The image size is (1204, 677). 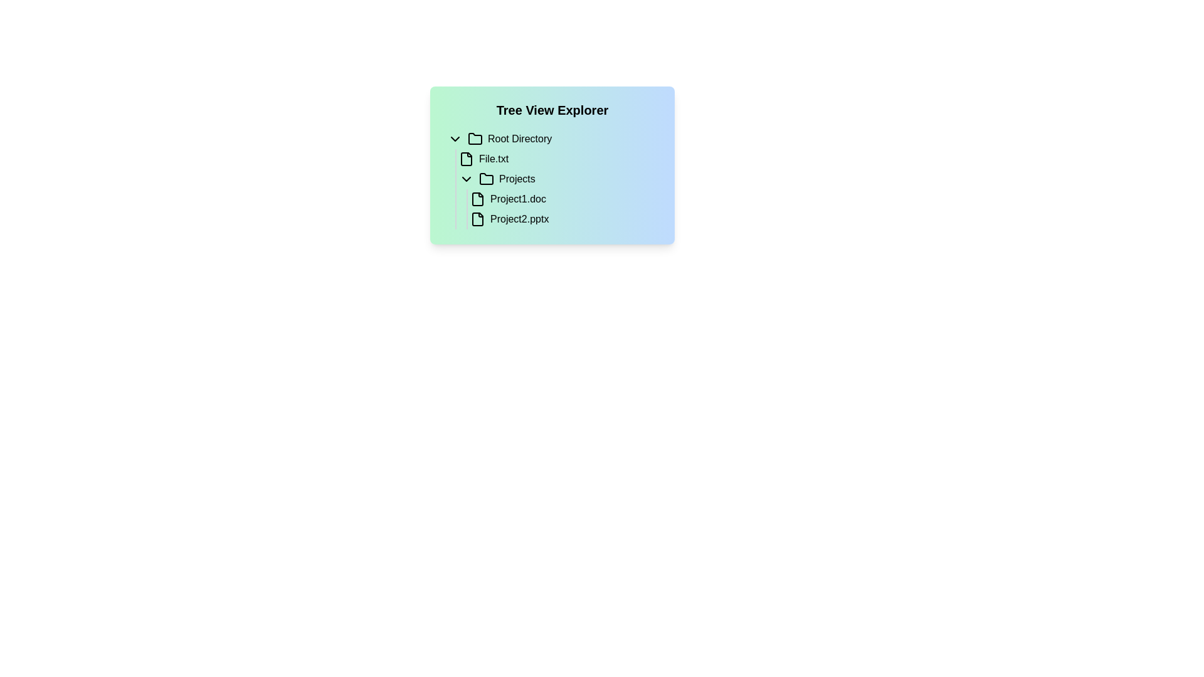 What do you see at coordinates (517, 179) in the screenshot?
I see `the text label for the folder named 'Projects'` at bounding box center [517, 179].